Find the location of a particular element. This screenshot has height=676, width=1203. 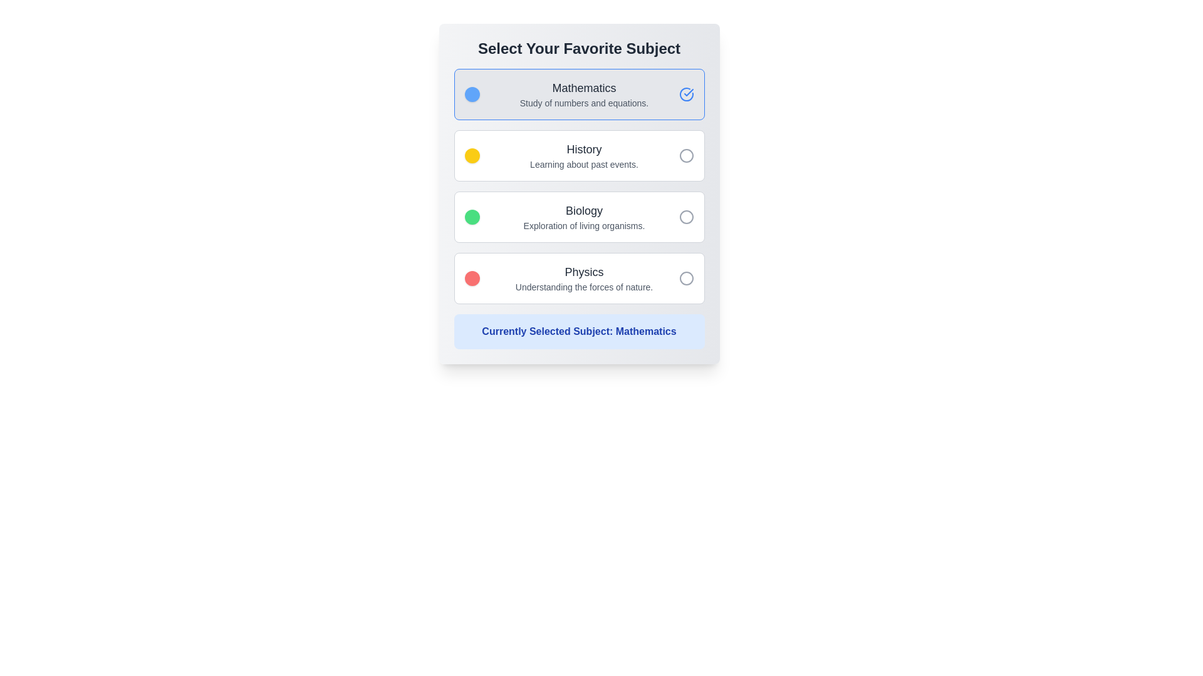

the circular check icon part of the SVG graphic indicating the selection of 'Mathematics' is located at coordinates (685, 93).